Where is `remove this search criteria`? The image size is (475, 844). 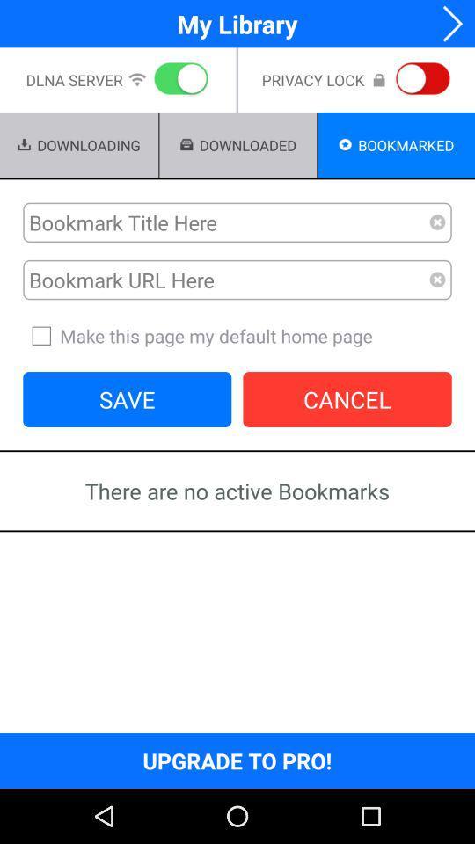 remove this search criteria is located at coordinates (436, 222).